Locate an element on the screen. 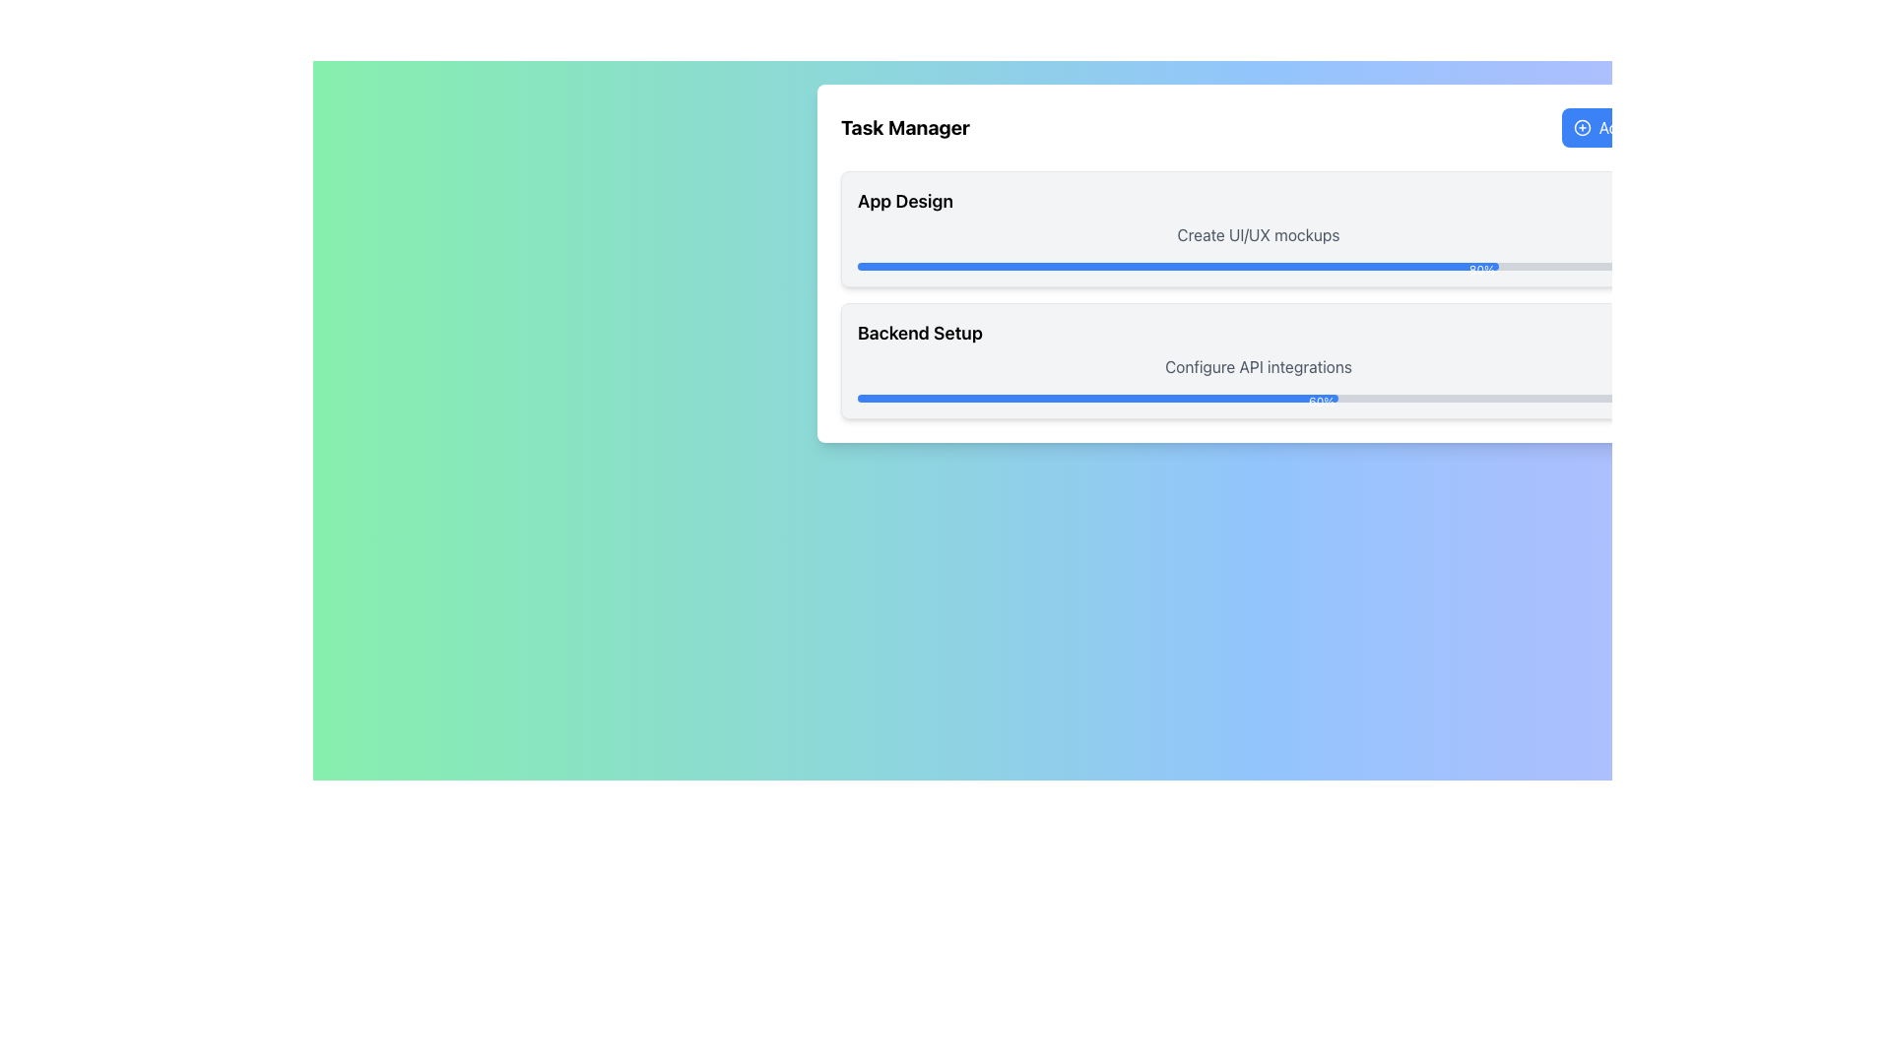 This screenshot has width=1891, height=1063. the progress percentage displayed on the blue progress bar indicating 80% completion in the 'App Design' section of the task manager interface is located at coordinates (1178, 266).